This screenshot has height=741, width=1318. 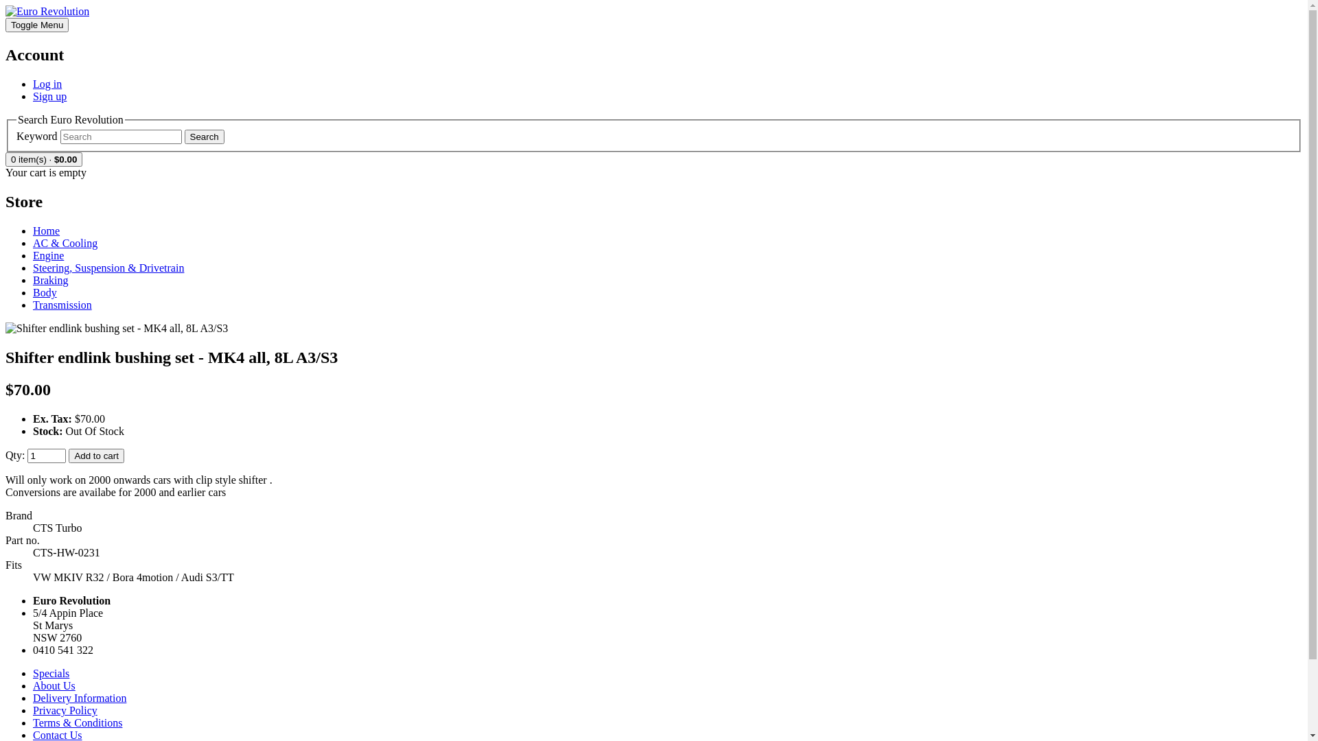 I want to click on 'Log in', so click(x=47, y=84).